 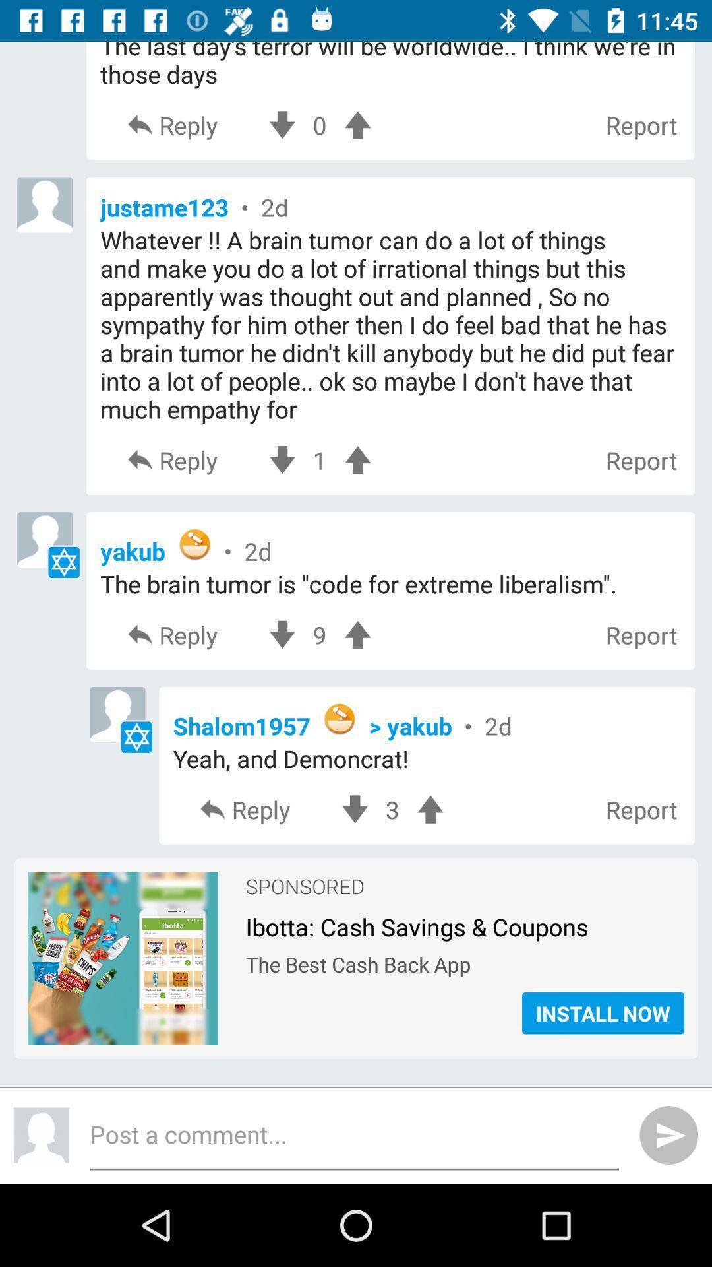 I want to click on icon to the left of the sponsored icon, so click(x=123, y=890).